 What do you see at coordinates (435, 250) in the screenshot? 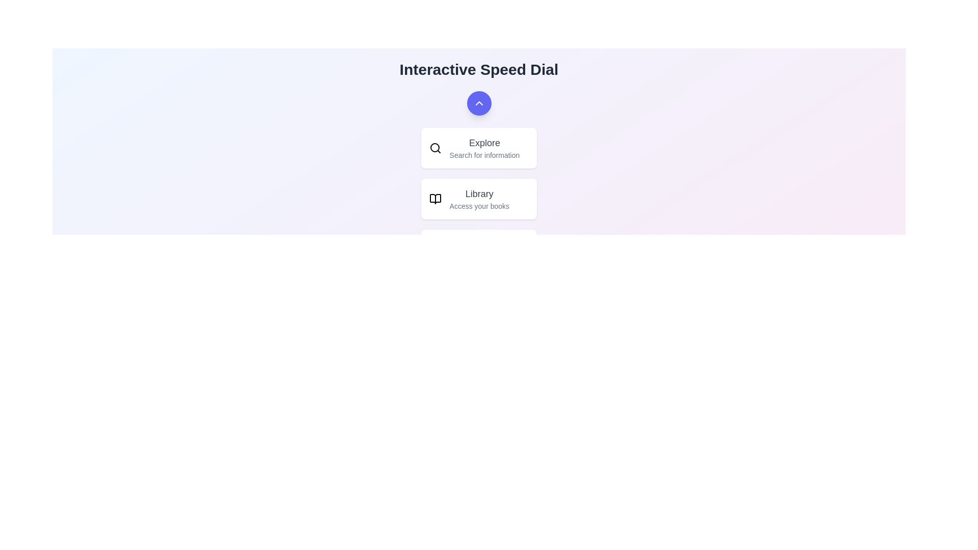
I see `the Progress icon to observe its visual effect` at bounding box center [435, 250].